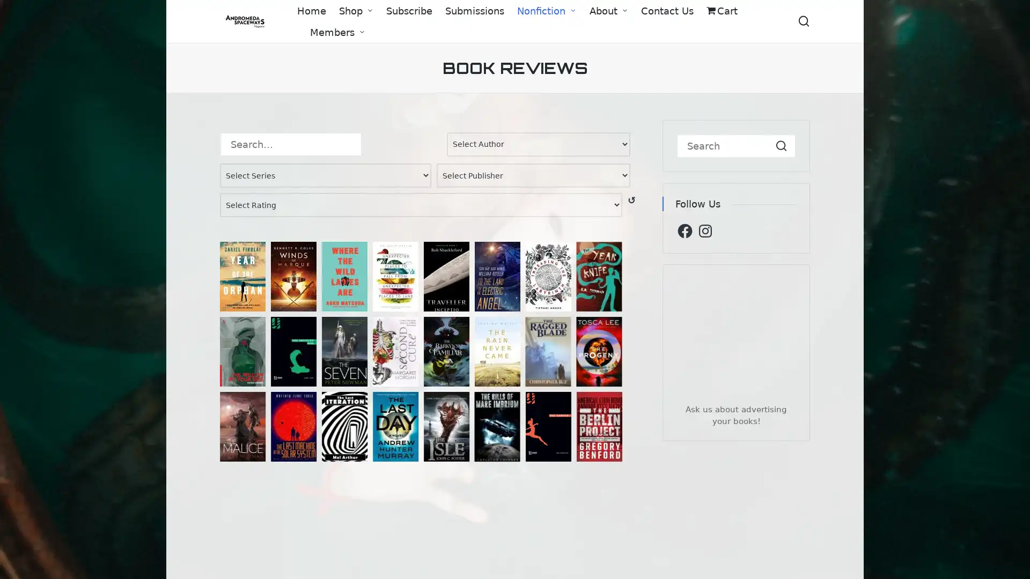 This screenshot has height=579, width=1030. What do you see at coordinates (781, 146) in the screenshot?
I see `Search` at bounding box center [781, 146].